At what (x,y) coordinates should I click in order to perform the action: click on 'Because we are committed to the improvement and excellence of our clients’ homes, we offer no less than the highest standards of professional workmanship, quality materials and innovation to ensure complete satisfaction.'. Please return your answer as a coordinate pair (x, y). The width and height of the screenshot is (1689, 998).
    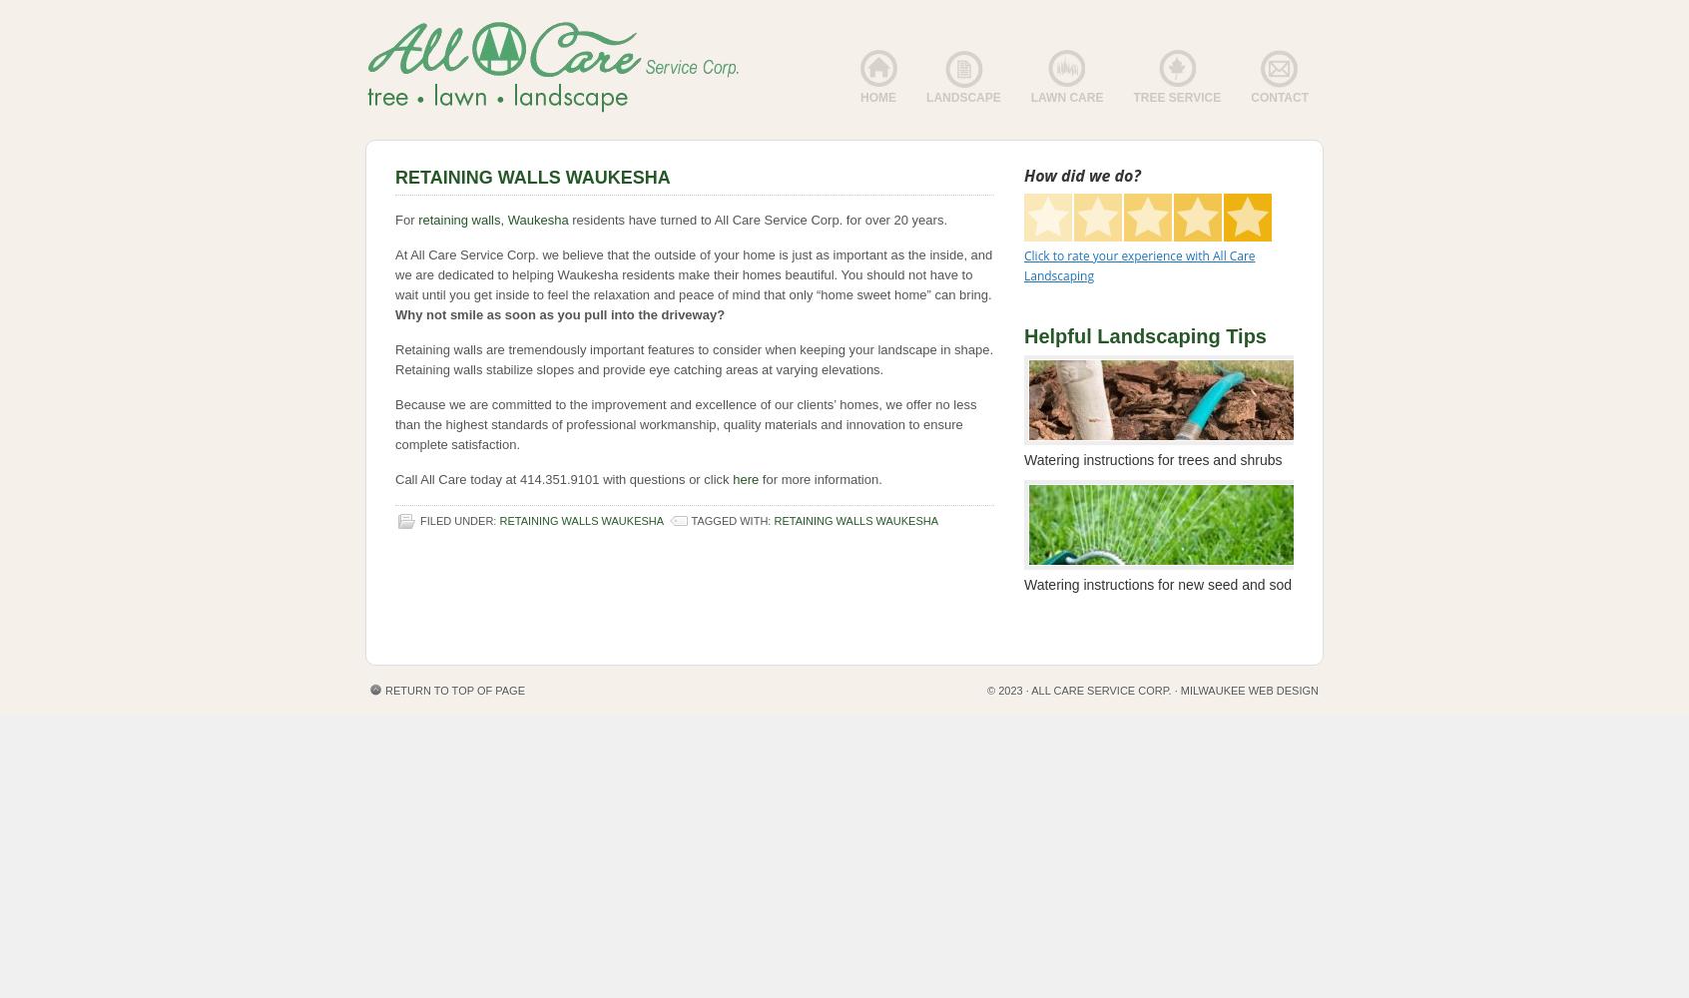
    Looking at the image, I should click on (685, 424).